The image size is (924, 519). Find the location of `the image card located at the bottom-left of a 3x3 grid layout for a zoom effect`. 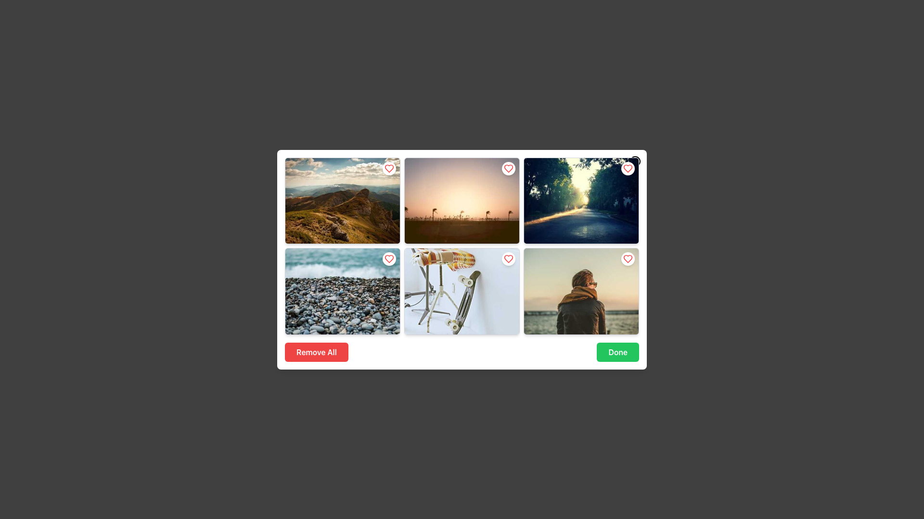

the image card located at the bottom-left of a 3x3 grid layout for a zoom effect is located at coordinates (342, 290).